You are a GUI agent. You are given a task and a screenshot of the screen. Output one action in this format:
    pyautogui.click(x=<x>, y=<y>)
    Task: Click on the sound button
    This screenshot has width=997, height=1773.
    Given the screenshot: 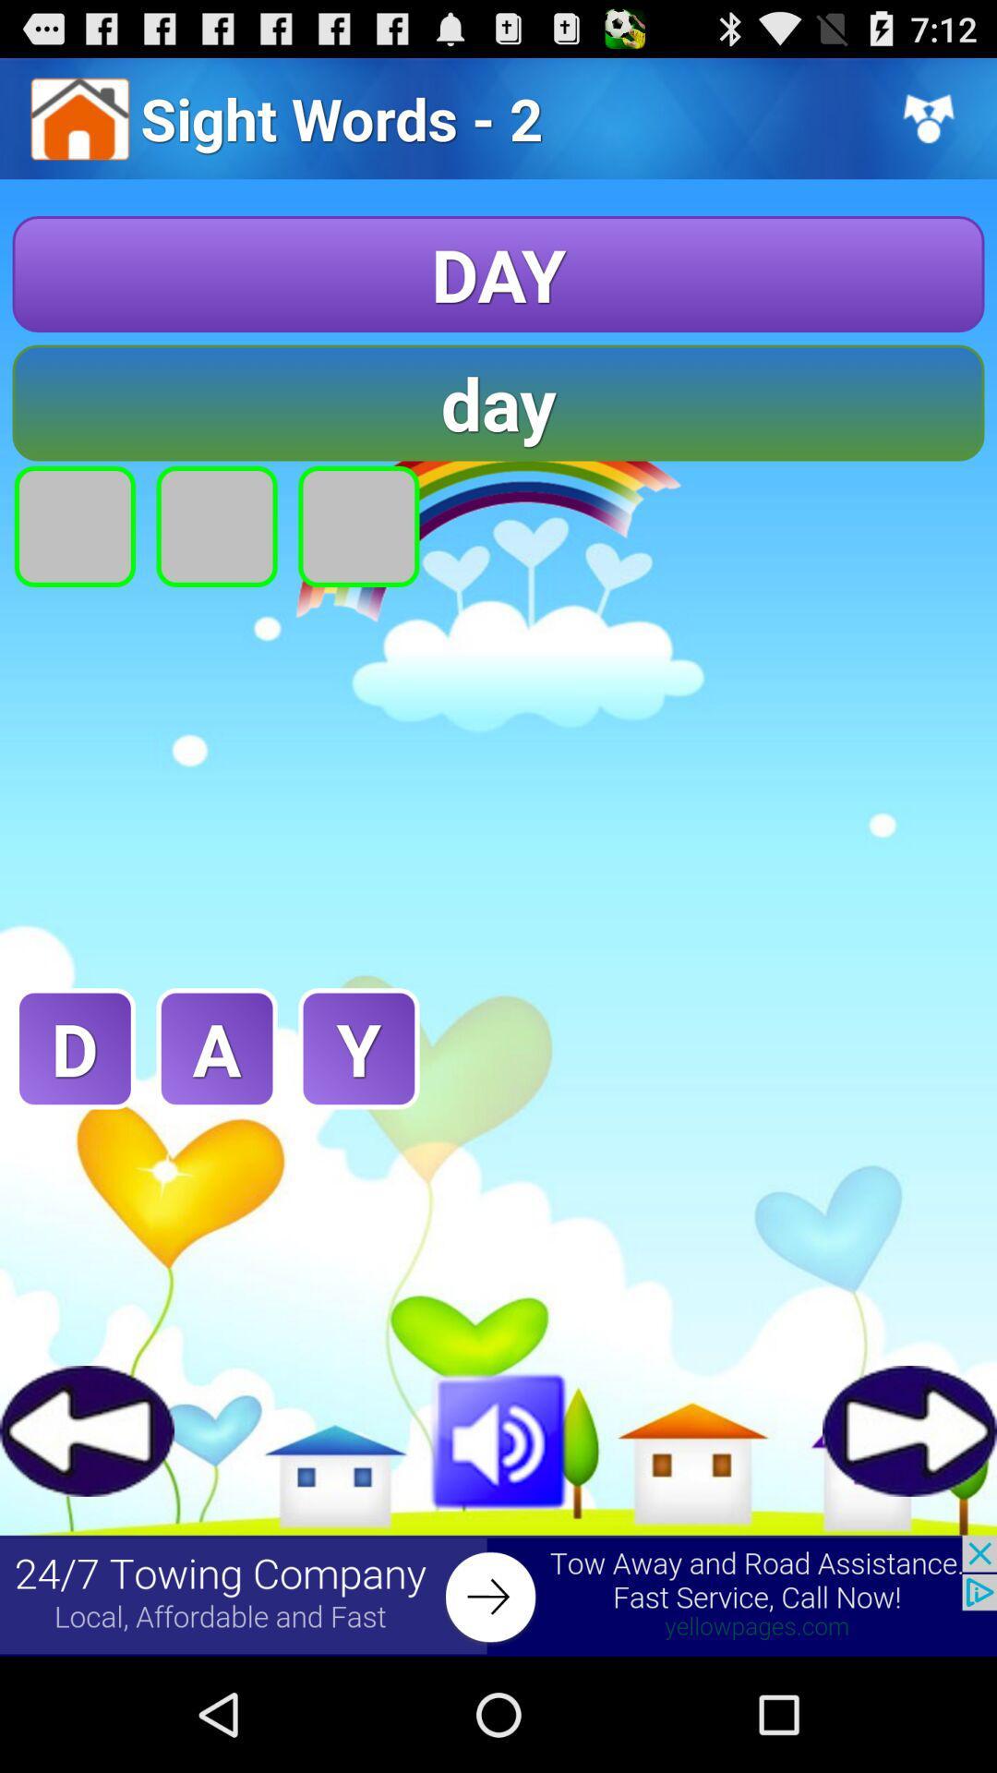 What is the action you would take?
    pyautogui.click(x=498, y=1437)
    